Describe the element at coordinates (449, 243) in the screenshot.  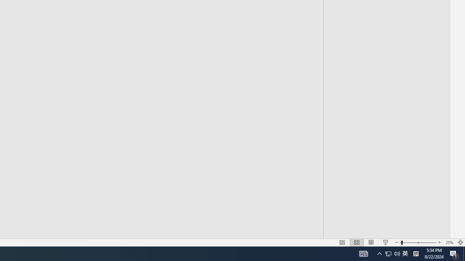
I see `'Zoom 25%'` at that location.